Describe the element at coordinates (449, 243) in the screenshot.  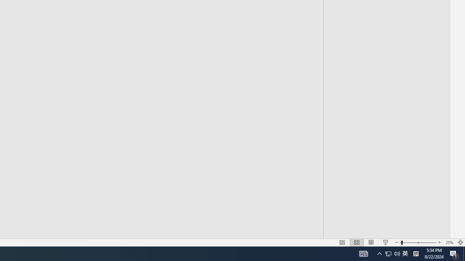
I see `'Zoom 25%'` at that location.